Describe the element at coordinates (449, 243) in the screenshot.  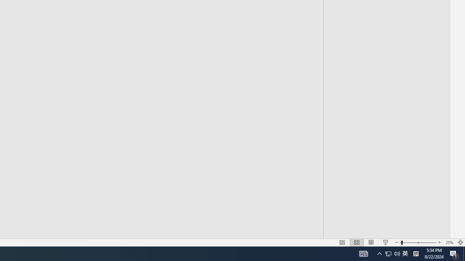
I see `'Zoom 25%'` at that location.